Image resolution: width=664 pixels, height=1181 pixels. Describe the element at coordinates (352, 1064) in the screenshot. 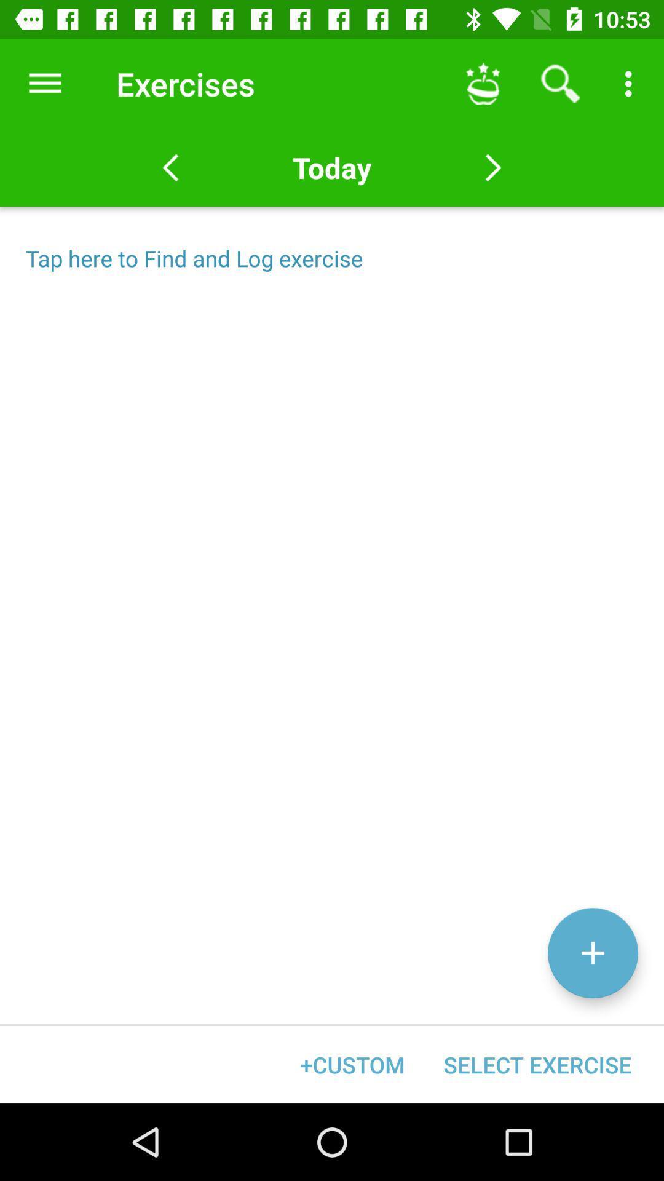

I see `icon to the left of the select exercise item` at that location.